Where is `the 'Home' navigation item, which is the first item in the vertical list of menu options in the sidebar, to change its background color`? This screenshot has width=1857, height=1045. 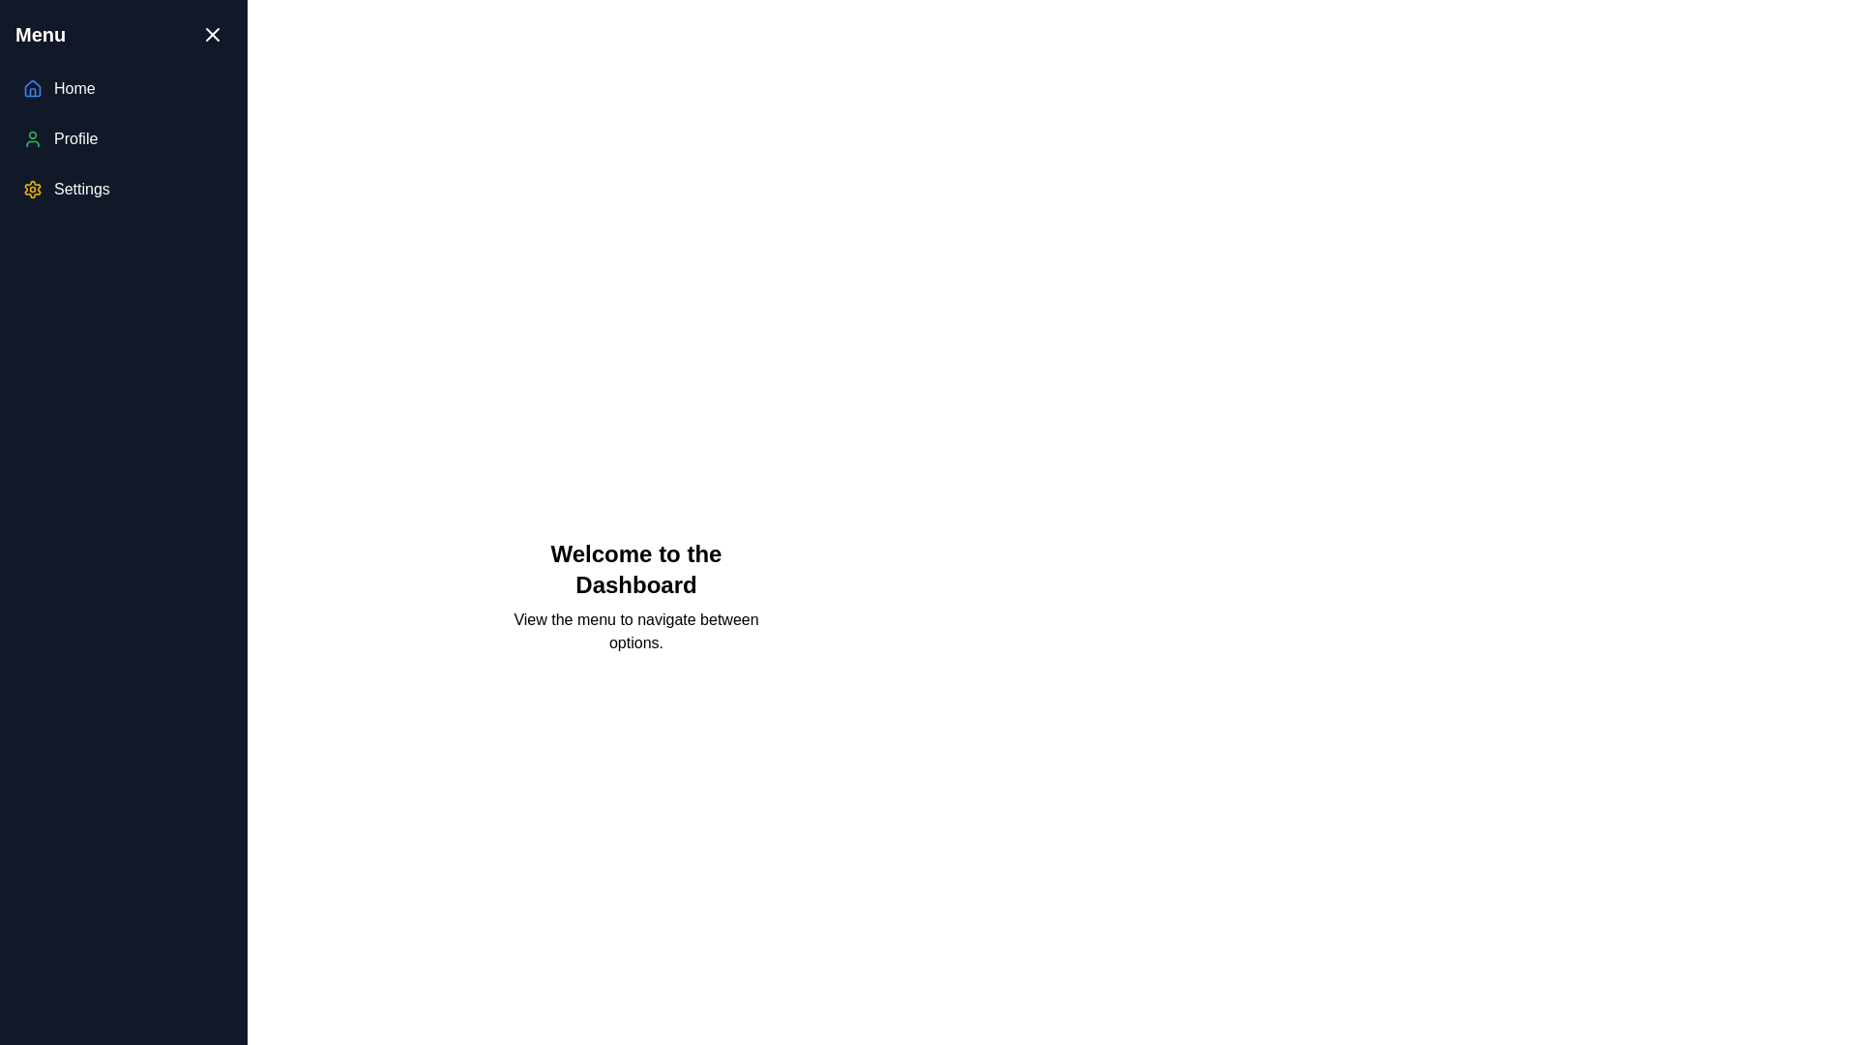 the 'Home' navigation item, which is the first item in the vertical list of menu options in the sidebar, to change its background color is located at coordinates (123, 89).